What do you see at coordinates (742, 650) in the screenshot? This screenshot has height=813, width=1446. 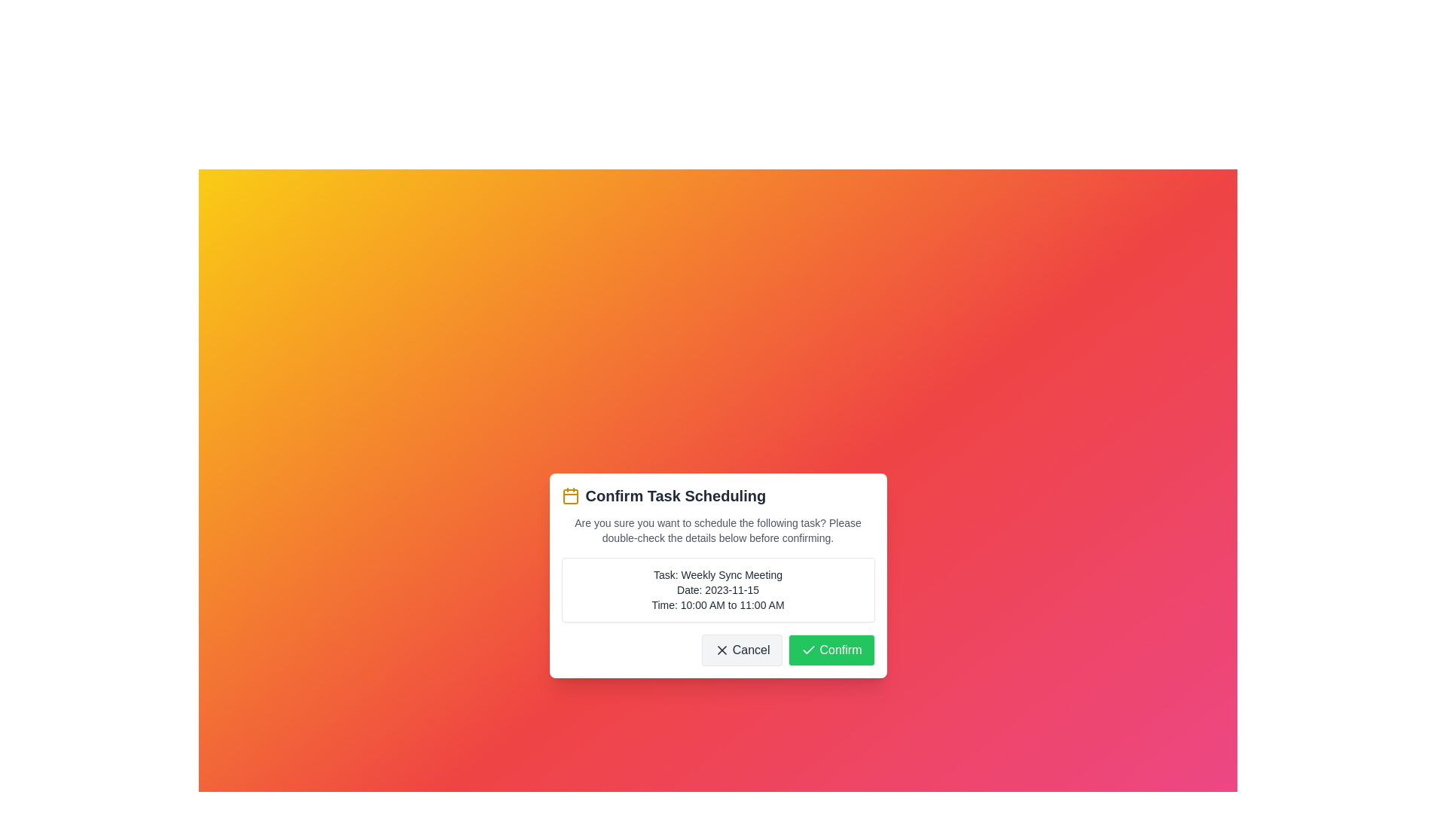 I see `the 'Cancel' button, which has a gray background, black text, and a rounded border` at bounding box center [742, 650].